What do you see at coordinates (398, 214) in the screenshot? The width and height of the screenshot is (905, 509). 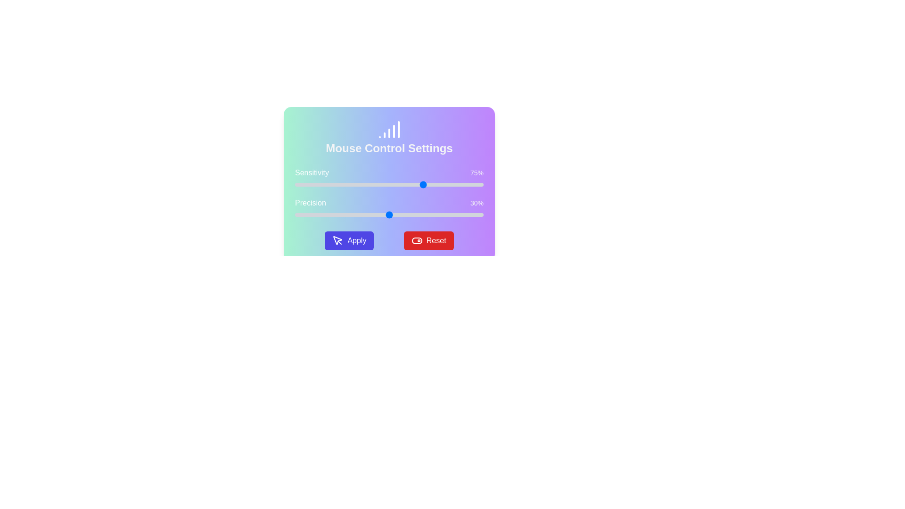 I see `the precision` at bounding box center [398, 214].